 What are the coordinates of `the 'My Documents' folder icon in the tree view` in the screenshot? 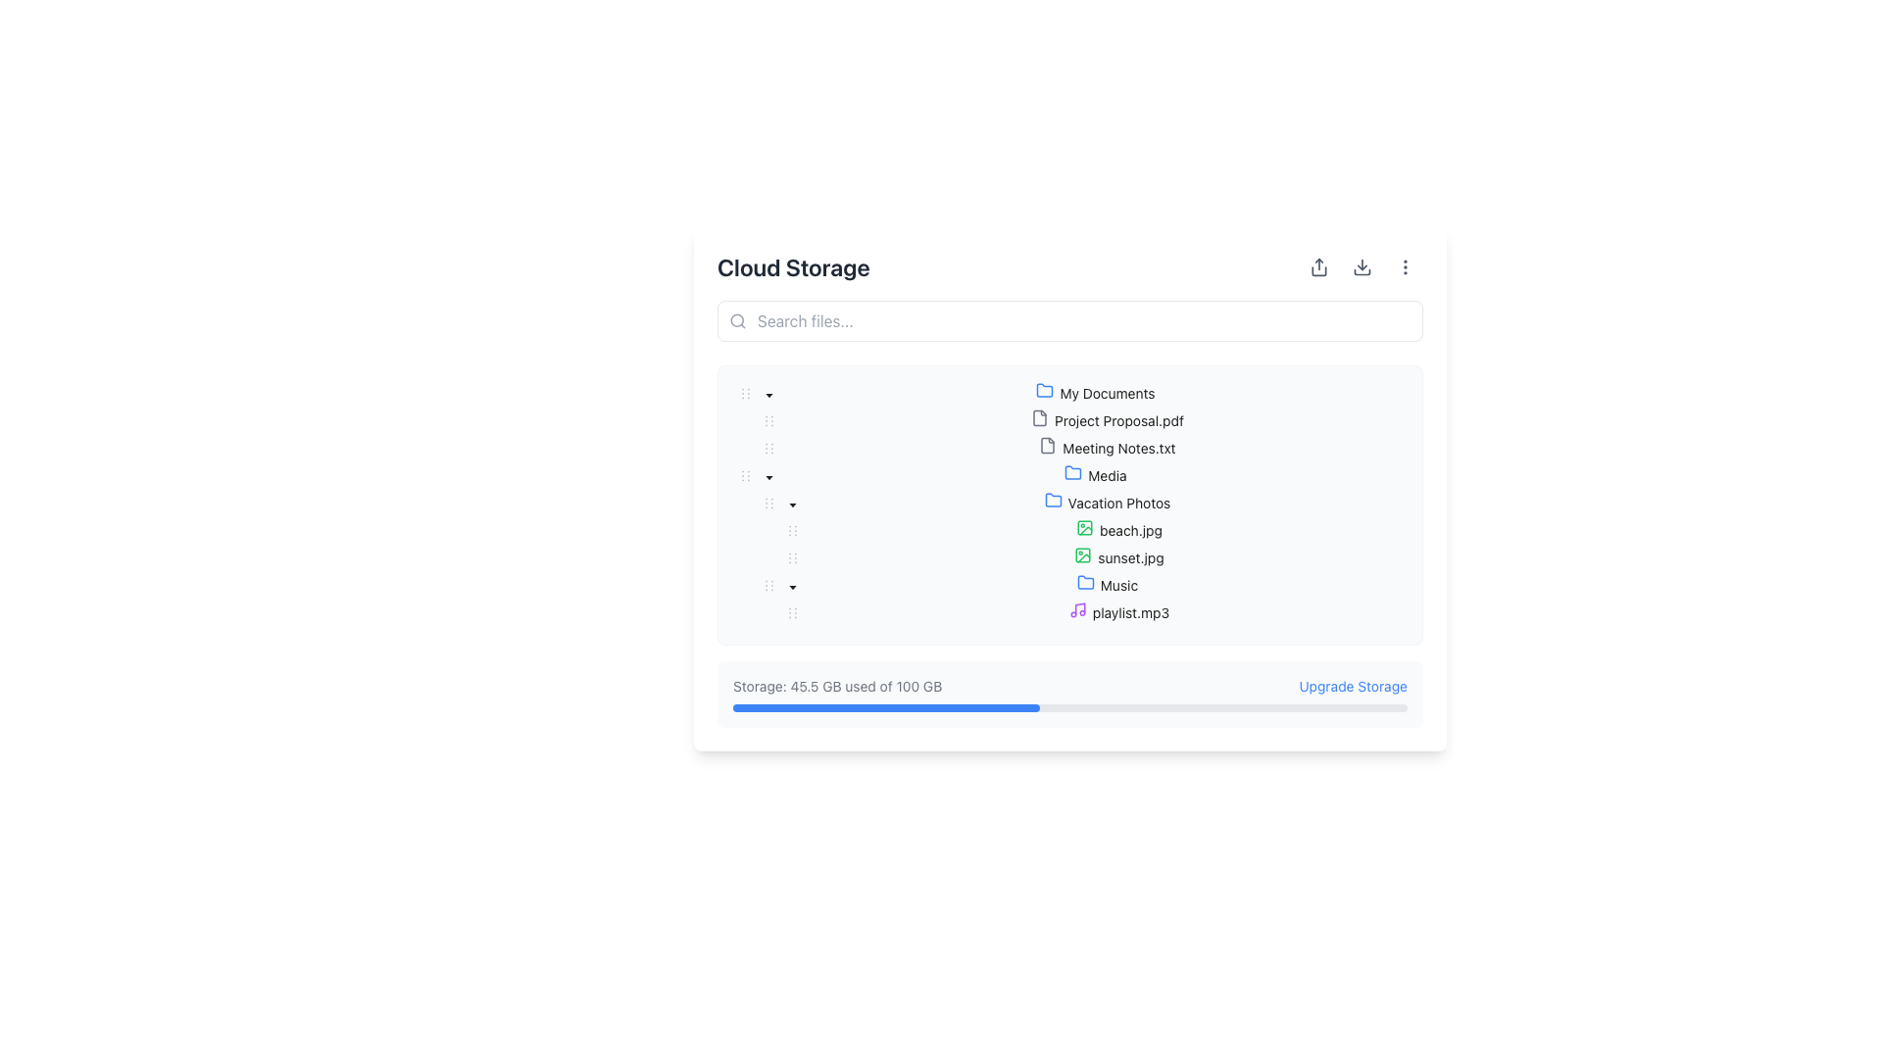 It's located at (1068, 393).